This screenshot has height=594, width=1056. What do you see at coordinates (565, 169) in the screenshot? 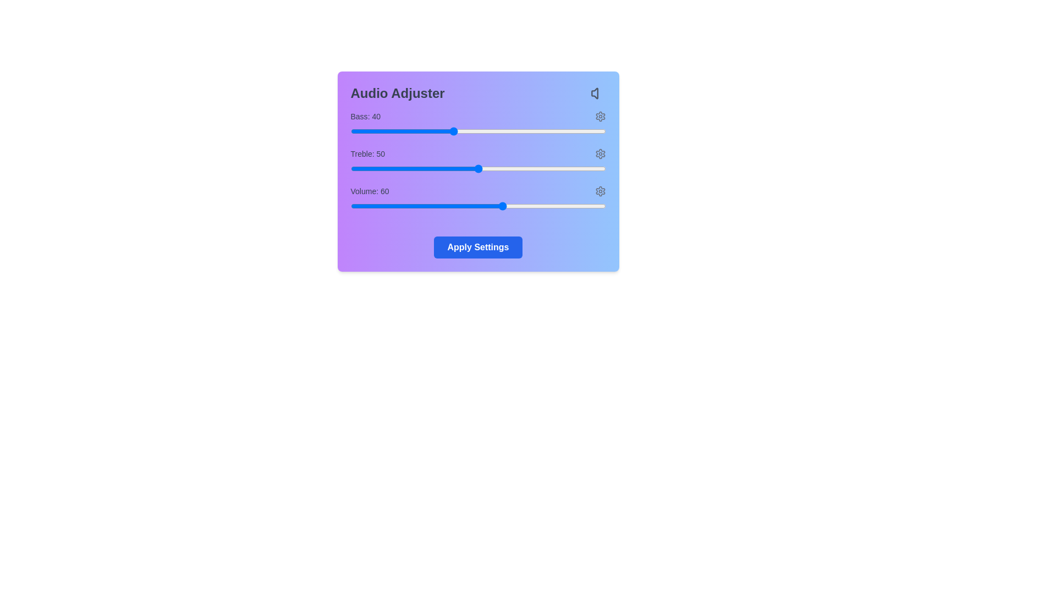
I see `the treble level` at bounding box center [565, 169].